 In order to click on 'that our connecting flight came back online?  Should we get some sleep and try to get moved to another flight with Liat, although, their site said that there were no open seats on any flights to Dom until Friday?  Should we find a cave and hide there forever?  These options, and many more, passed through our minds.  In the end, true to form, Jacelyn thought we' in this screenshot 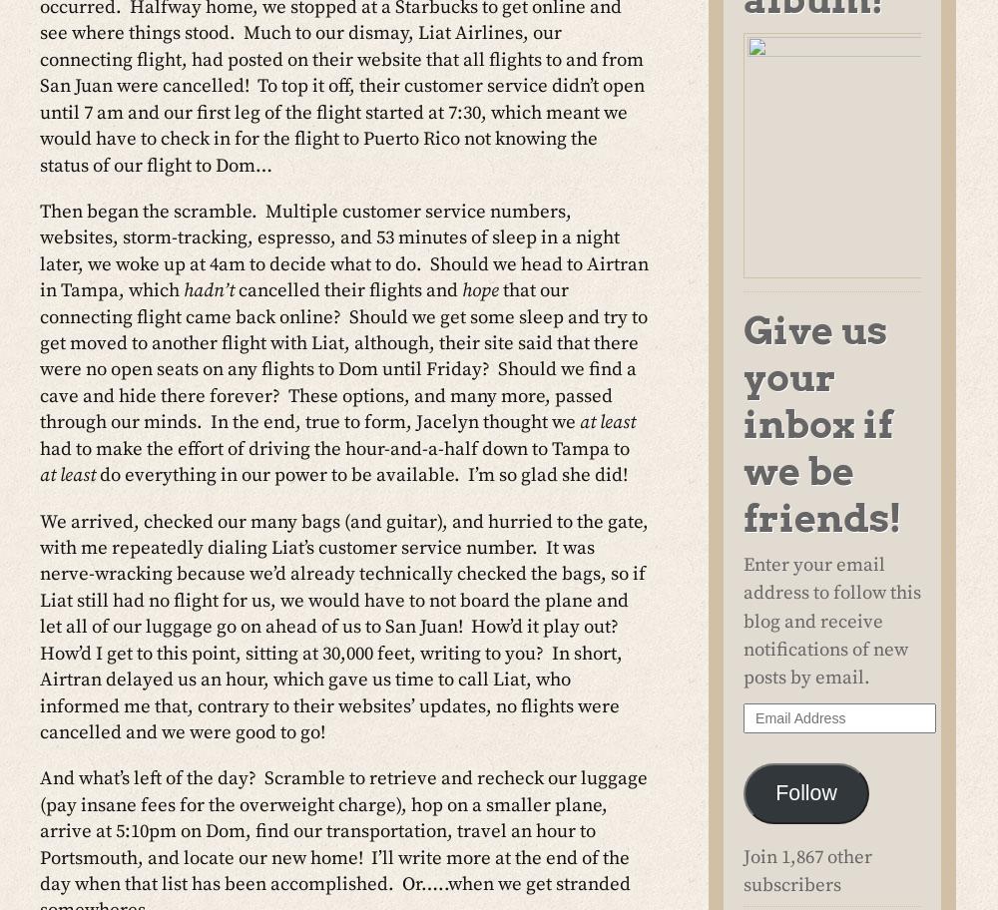, I will do `click(342, 355)`.